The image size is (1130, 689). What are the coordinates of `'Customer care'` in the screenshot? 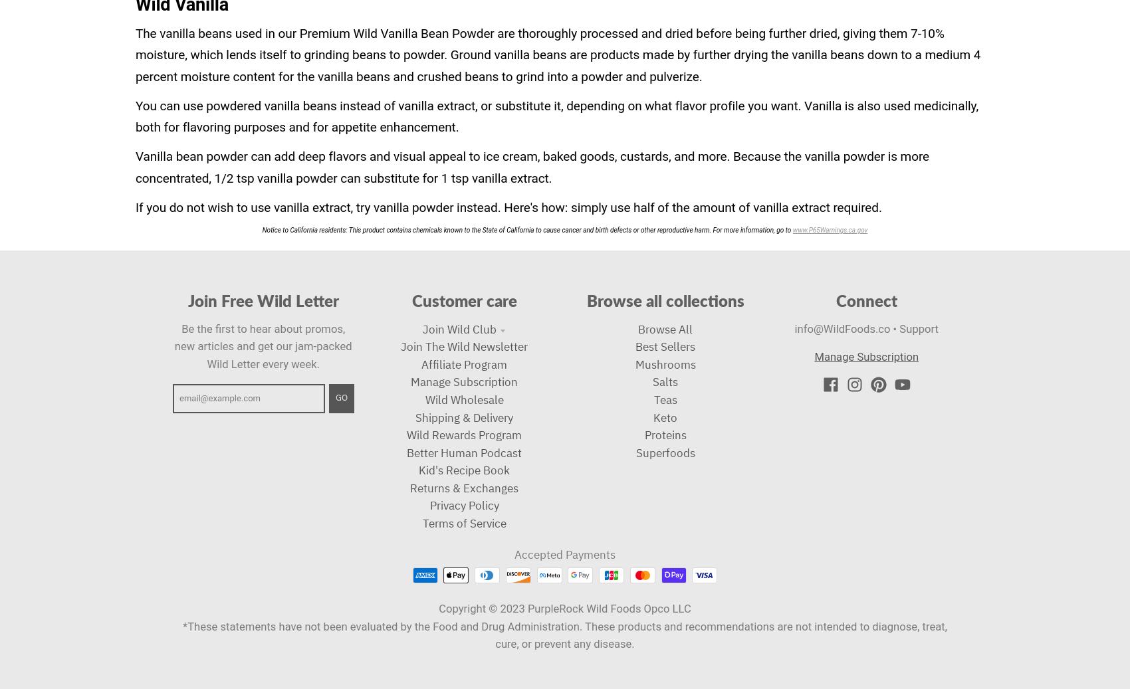 It's located at (464, 300).